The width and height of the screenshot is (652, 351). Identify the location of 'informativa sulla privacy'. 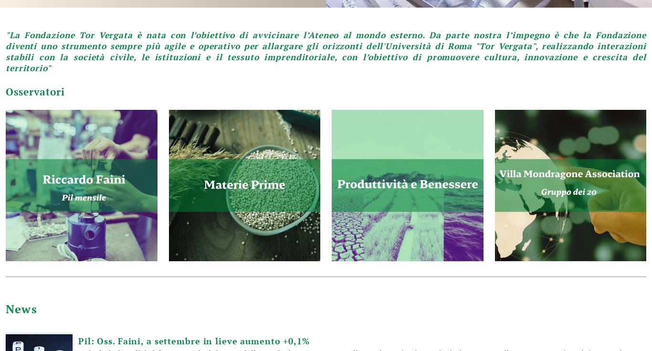
(397, 64).